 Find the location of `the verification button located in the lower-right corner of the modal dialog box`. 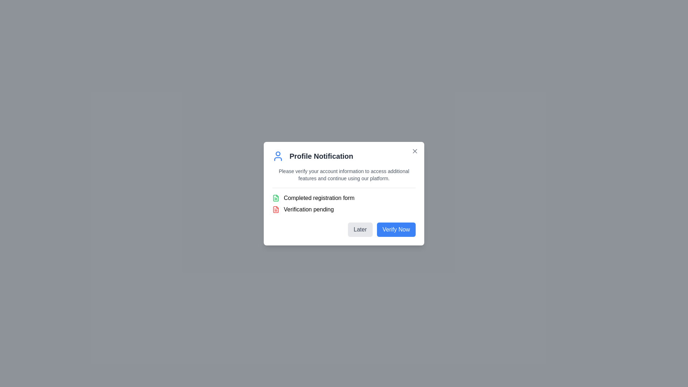

the verification button located in the lower-right corner of the modal dialog box is located at coordinates (396, 229).